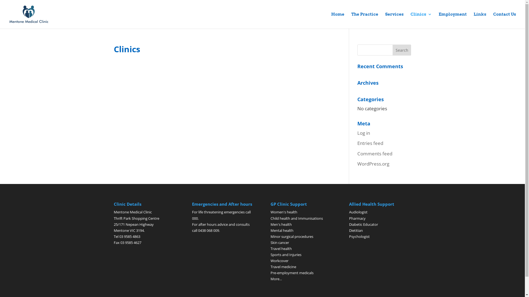 The height and width of the screenshot is (297, 529). I want to click on 'Services', so click(394, 20).